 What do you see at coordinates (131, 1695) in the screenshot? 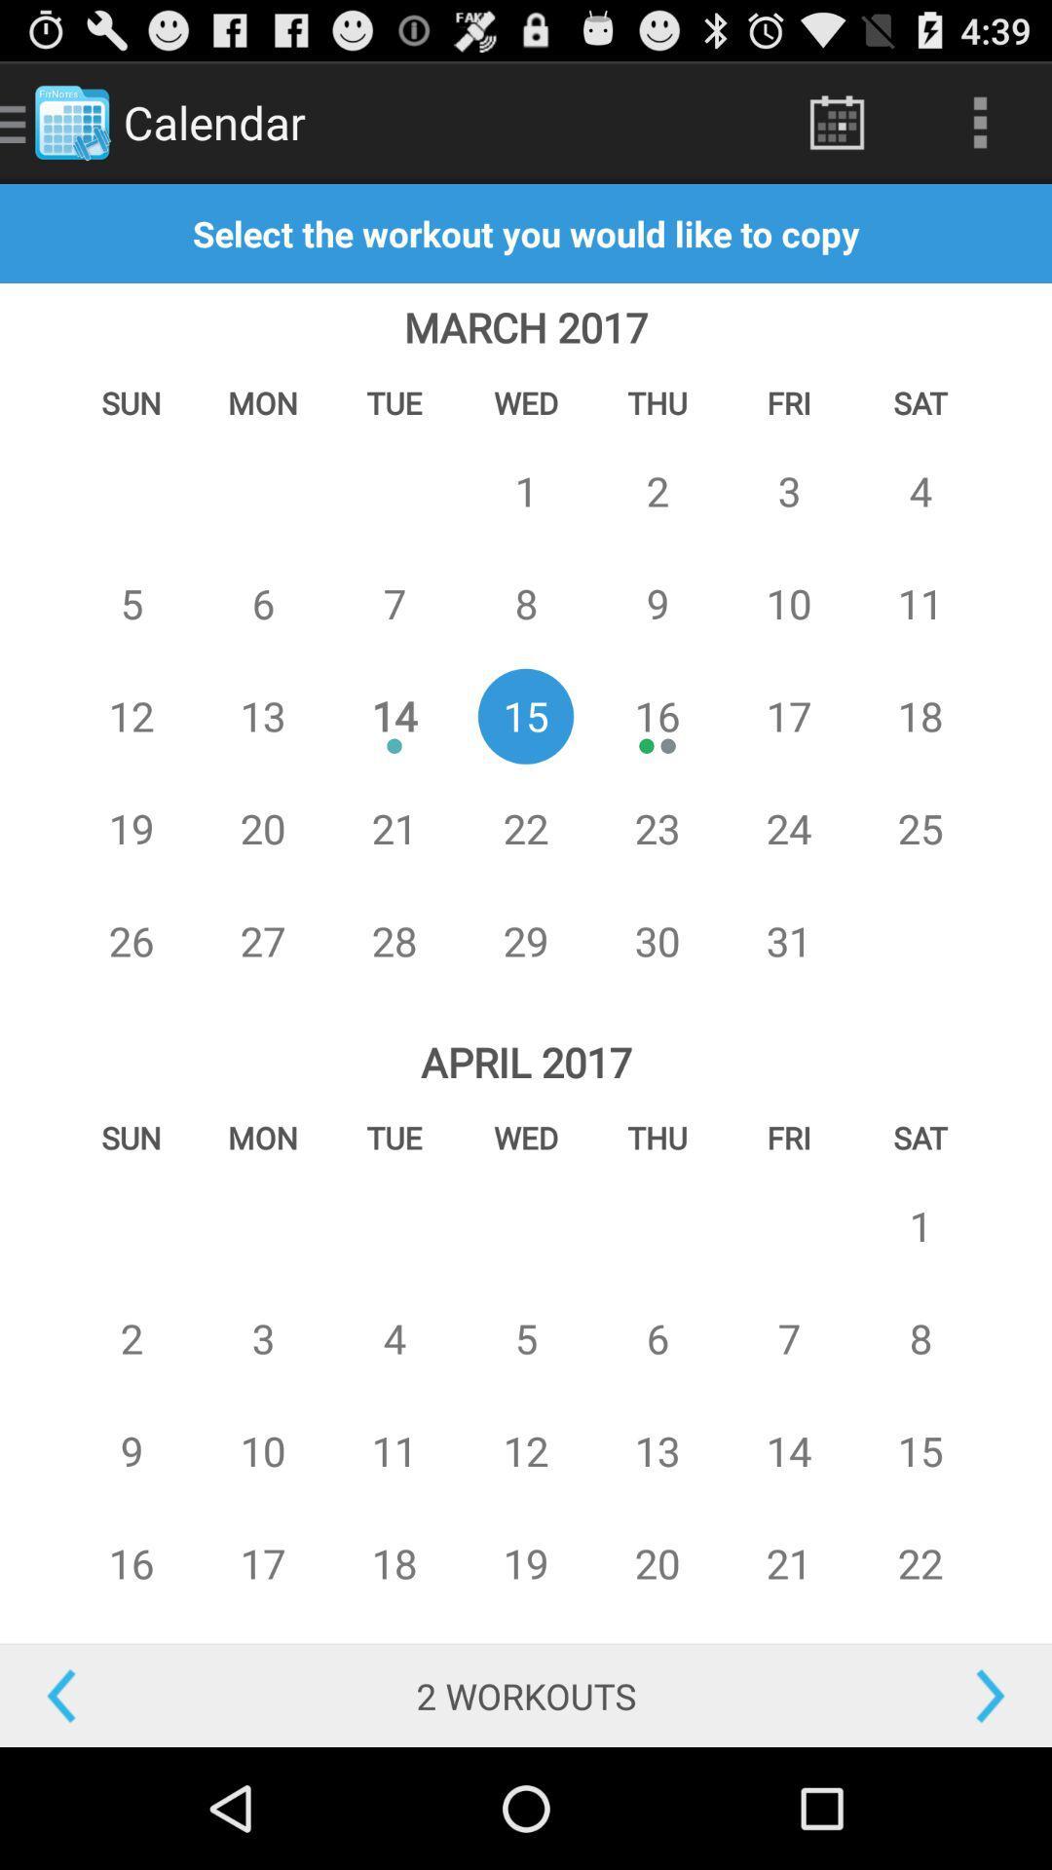
I see `go back` at bounding box center [131, 1695].